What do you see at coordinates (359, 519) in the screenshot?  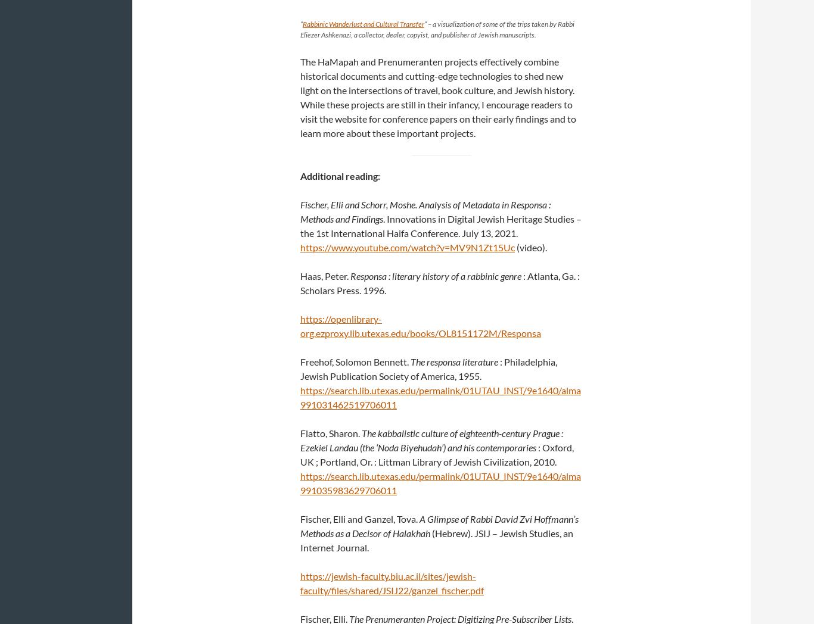 I see `'Fischer, Elli and Ganzel, Tova.'` at bounding box center [359, 519].